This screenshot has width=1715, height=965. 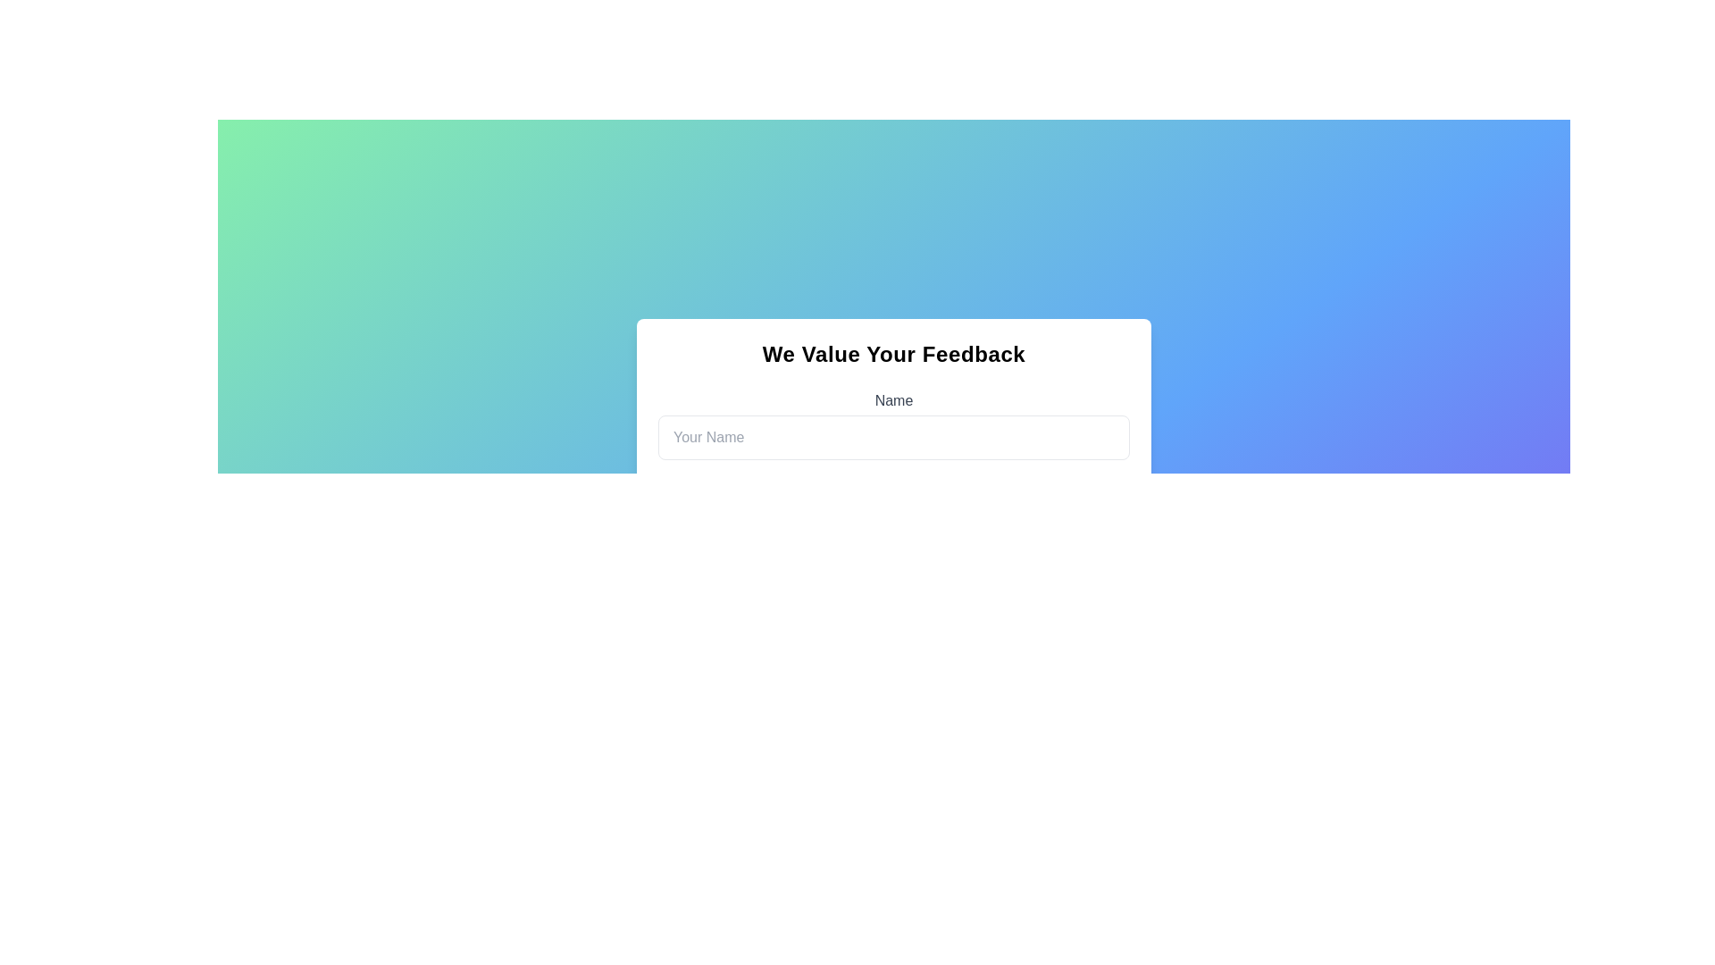 What do you see at coordinates (894, 354) in the screenshot?
I see `header text 'We Value Your Feedback' which is styled in bold and large text, centered at the top of the feedback form interface` at bounding box center [894, 354].